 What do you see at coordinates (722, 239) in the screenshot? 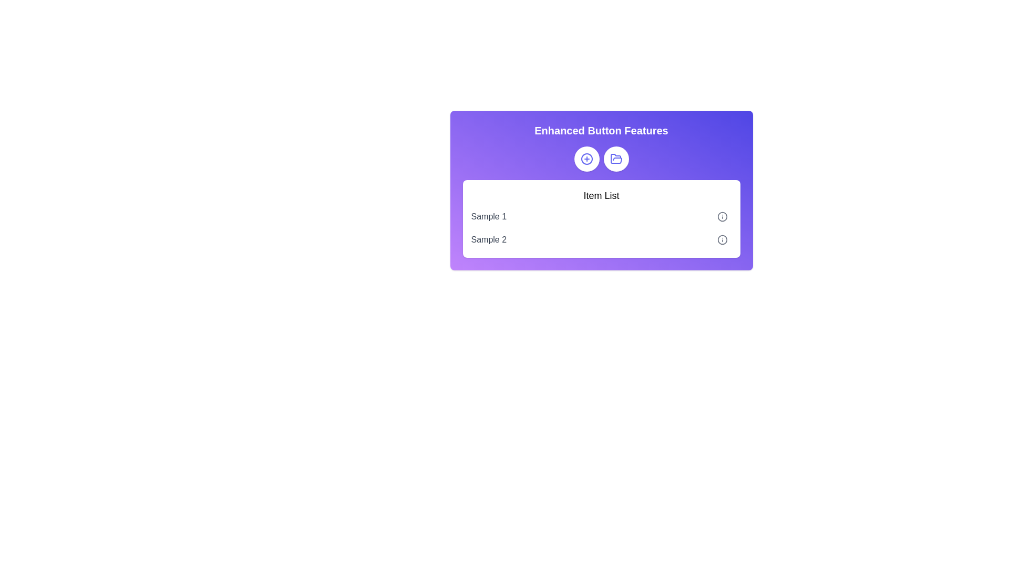
I see `the outermost circle icon located to the right of the 'Item List' section, which is non-interactive and serves as a graphical representation` at bounding box center [722, 239].